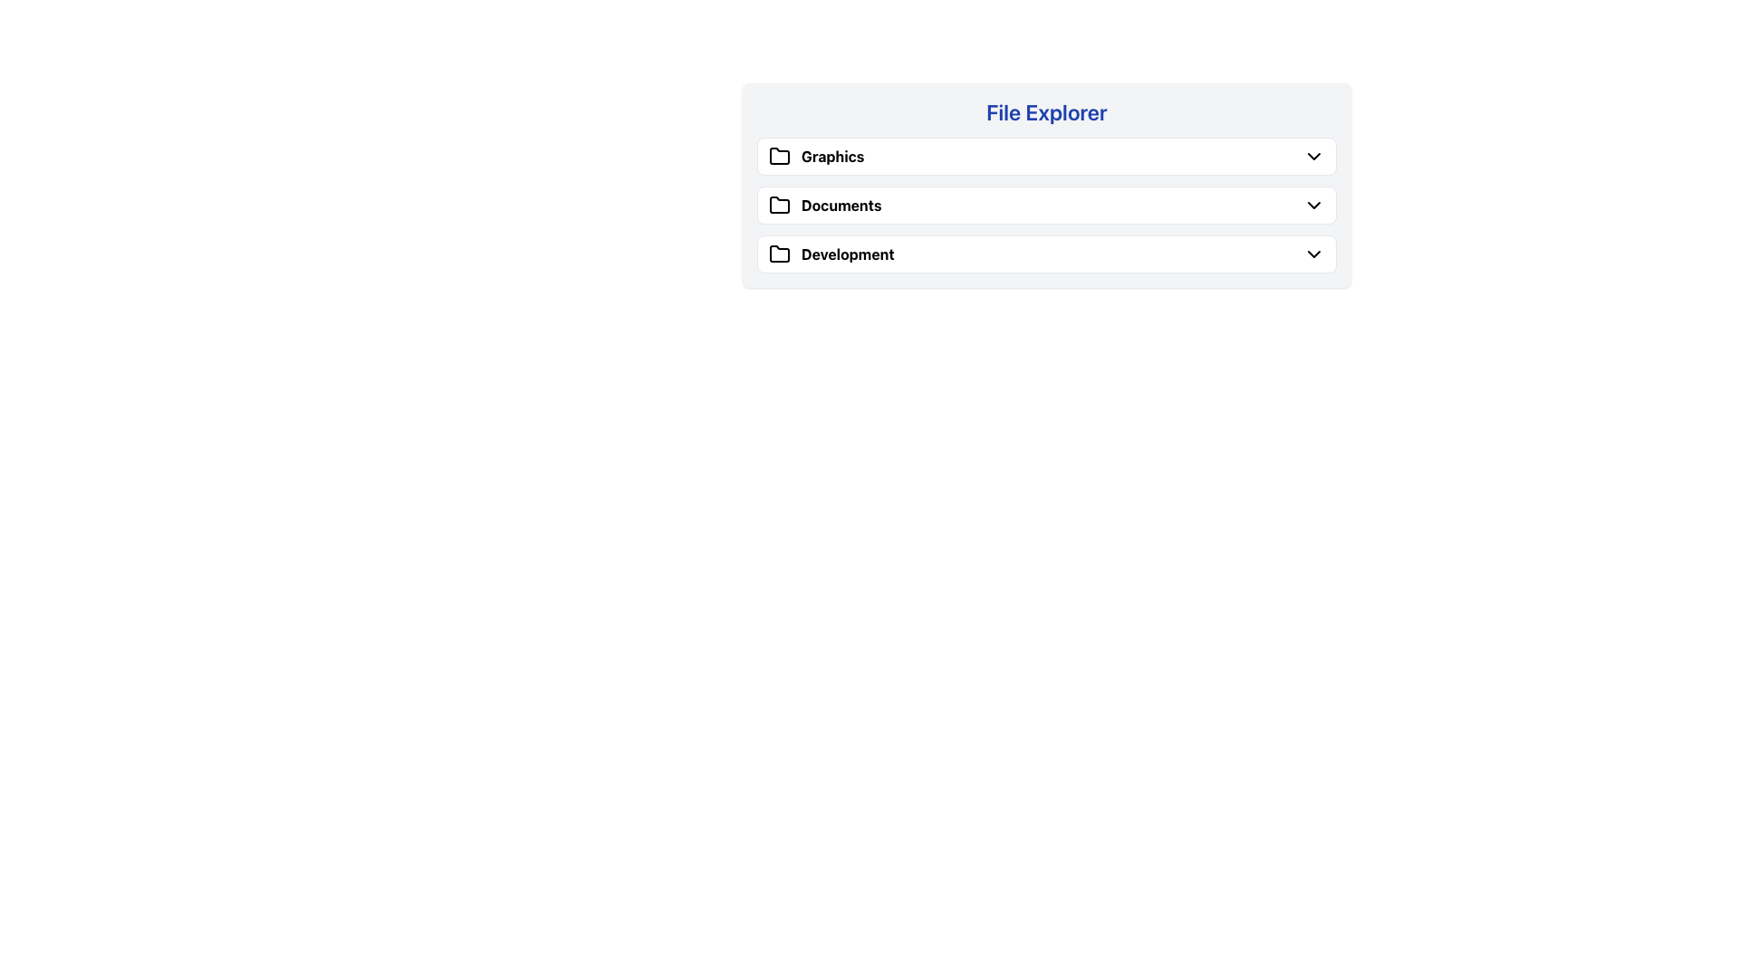 The height and width of the screenshot is (978, 1739). I want to click on the dropdown toggle icon at the right end of the 'Development' row in the file explorer interface, so click(1313, 254).